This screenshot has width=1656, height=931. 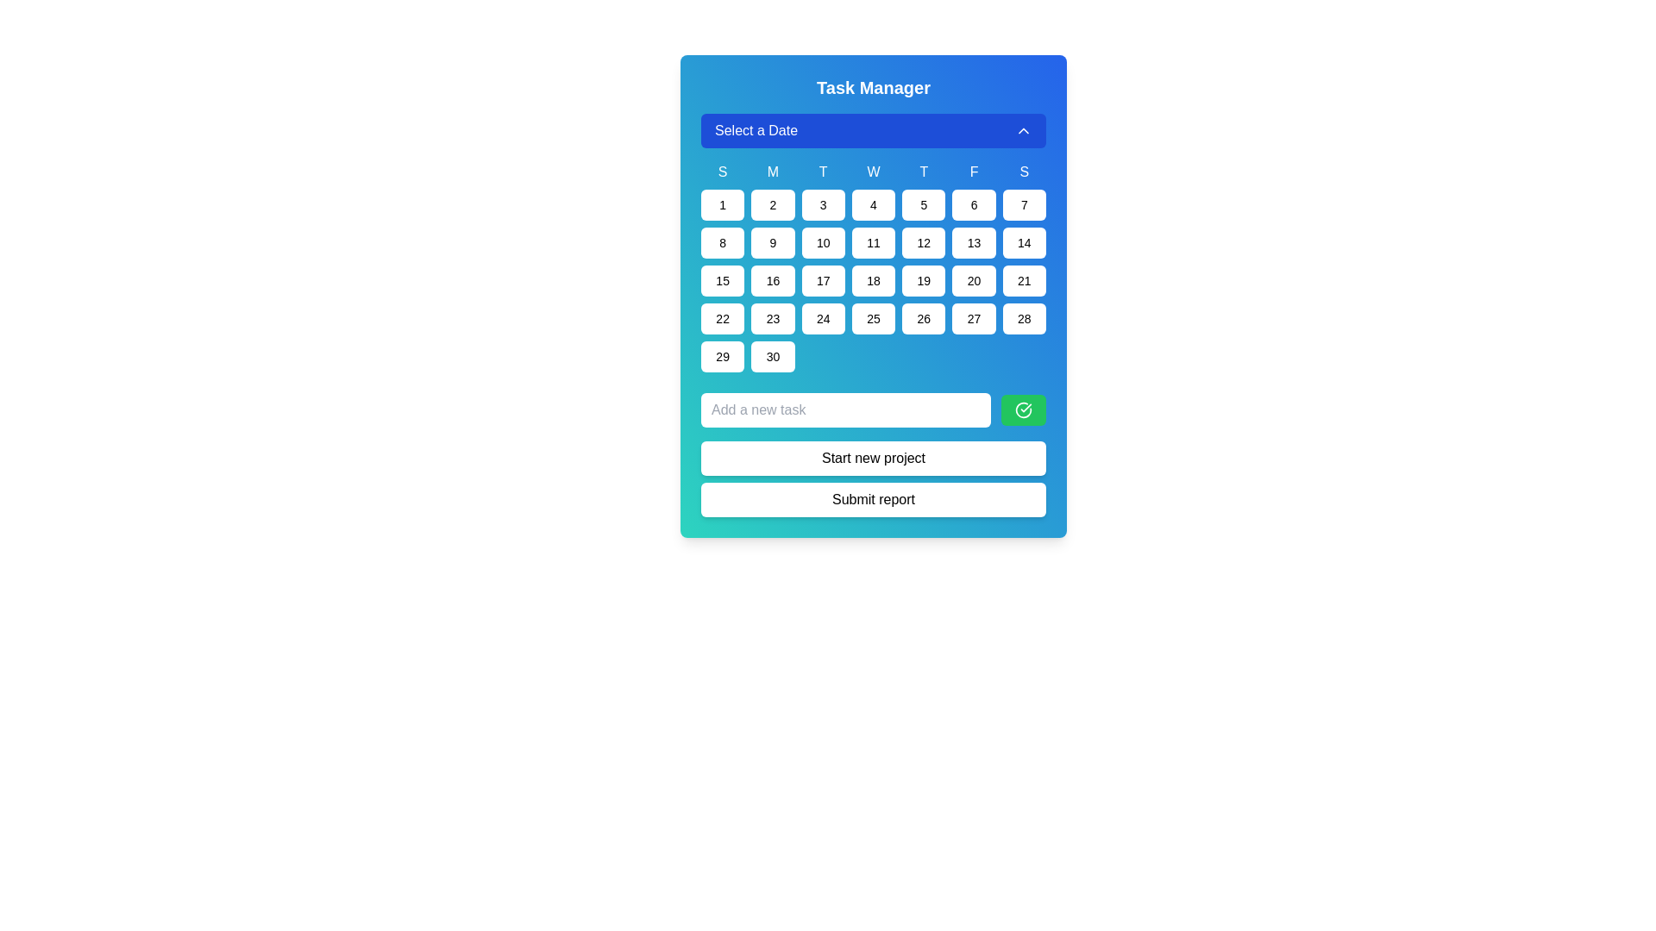 What do you see at coordinates (873, 280) in the screenshot?
I see `the date button representing the 18th of the month in the calendar interface, located in the fourth column and third row under the 'T' (Tuesday) header` at bounding box center [873, 280].